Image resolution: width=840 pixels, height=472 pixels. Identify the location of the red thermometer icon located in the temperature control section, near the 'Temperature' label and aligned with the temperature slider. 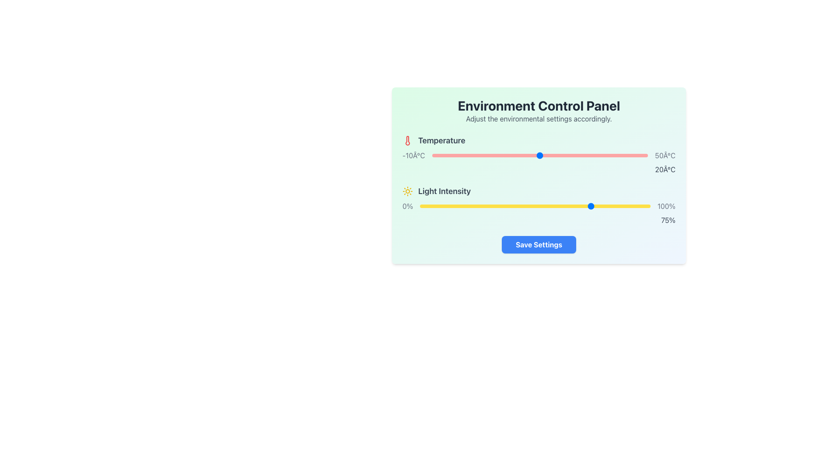
(407, 140).